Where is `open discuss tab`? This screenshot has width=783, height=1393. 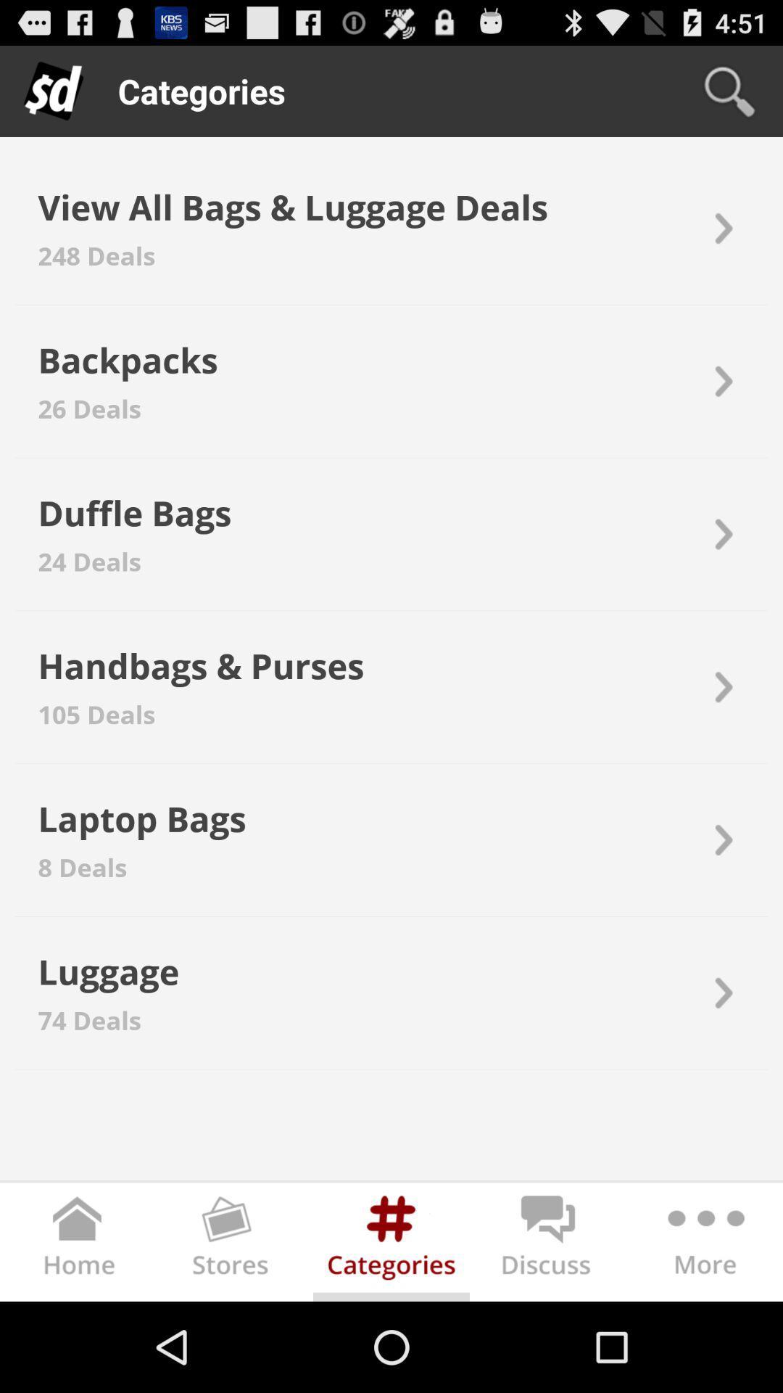 open discuss tab is located at coordinates (548, 1244).